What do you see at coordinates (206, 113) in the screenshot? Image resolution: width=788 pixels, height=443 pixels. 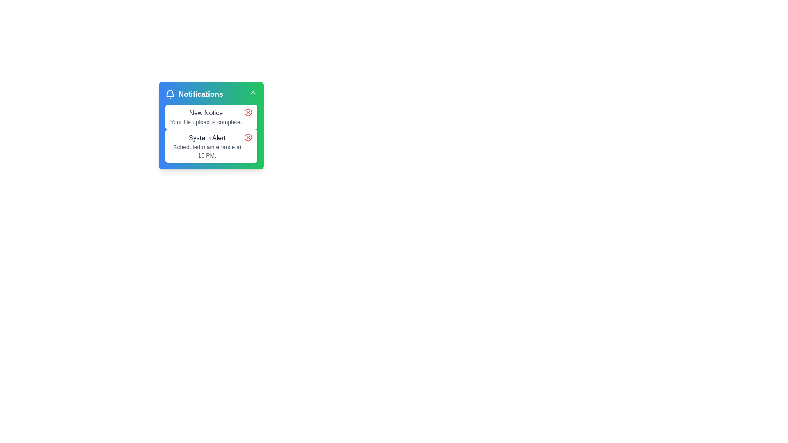 I see `the title text label of the notifications popup, which serves to inform the user about the message nature, positioned above the 'Your file upload is complete.' text` at bounding box center [206, 113].